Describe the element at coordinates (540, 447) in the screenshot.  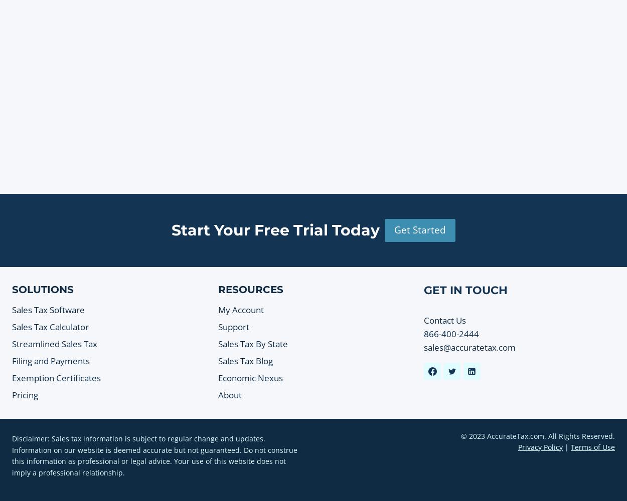
I see `'Privacy Policy'` at that location.